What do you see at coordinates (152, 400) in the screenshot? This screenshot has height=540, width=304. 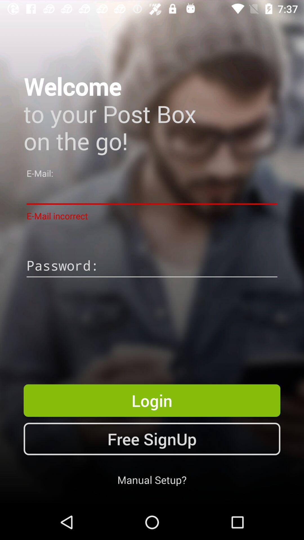 I see `the login icon` at bounding box center [152, 400].